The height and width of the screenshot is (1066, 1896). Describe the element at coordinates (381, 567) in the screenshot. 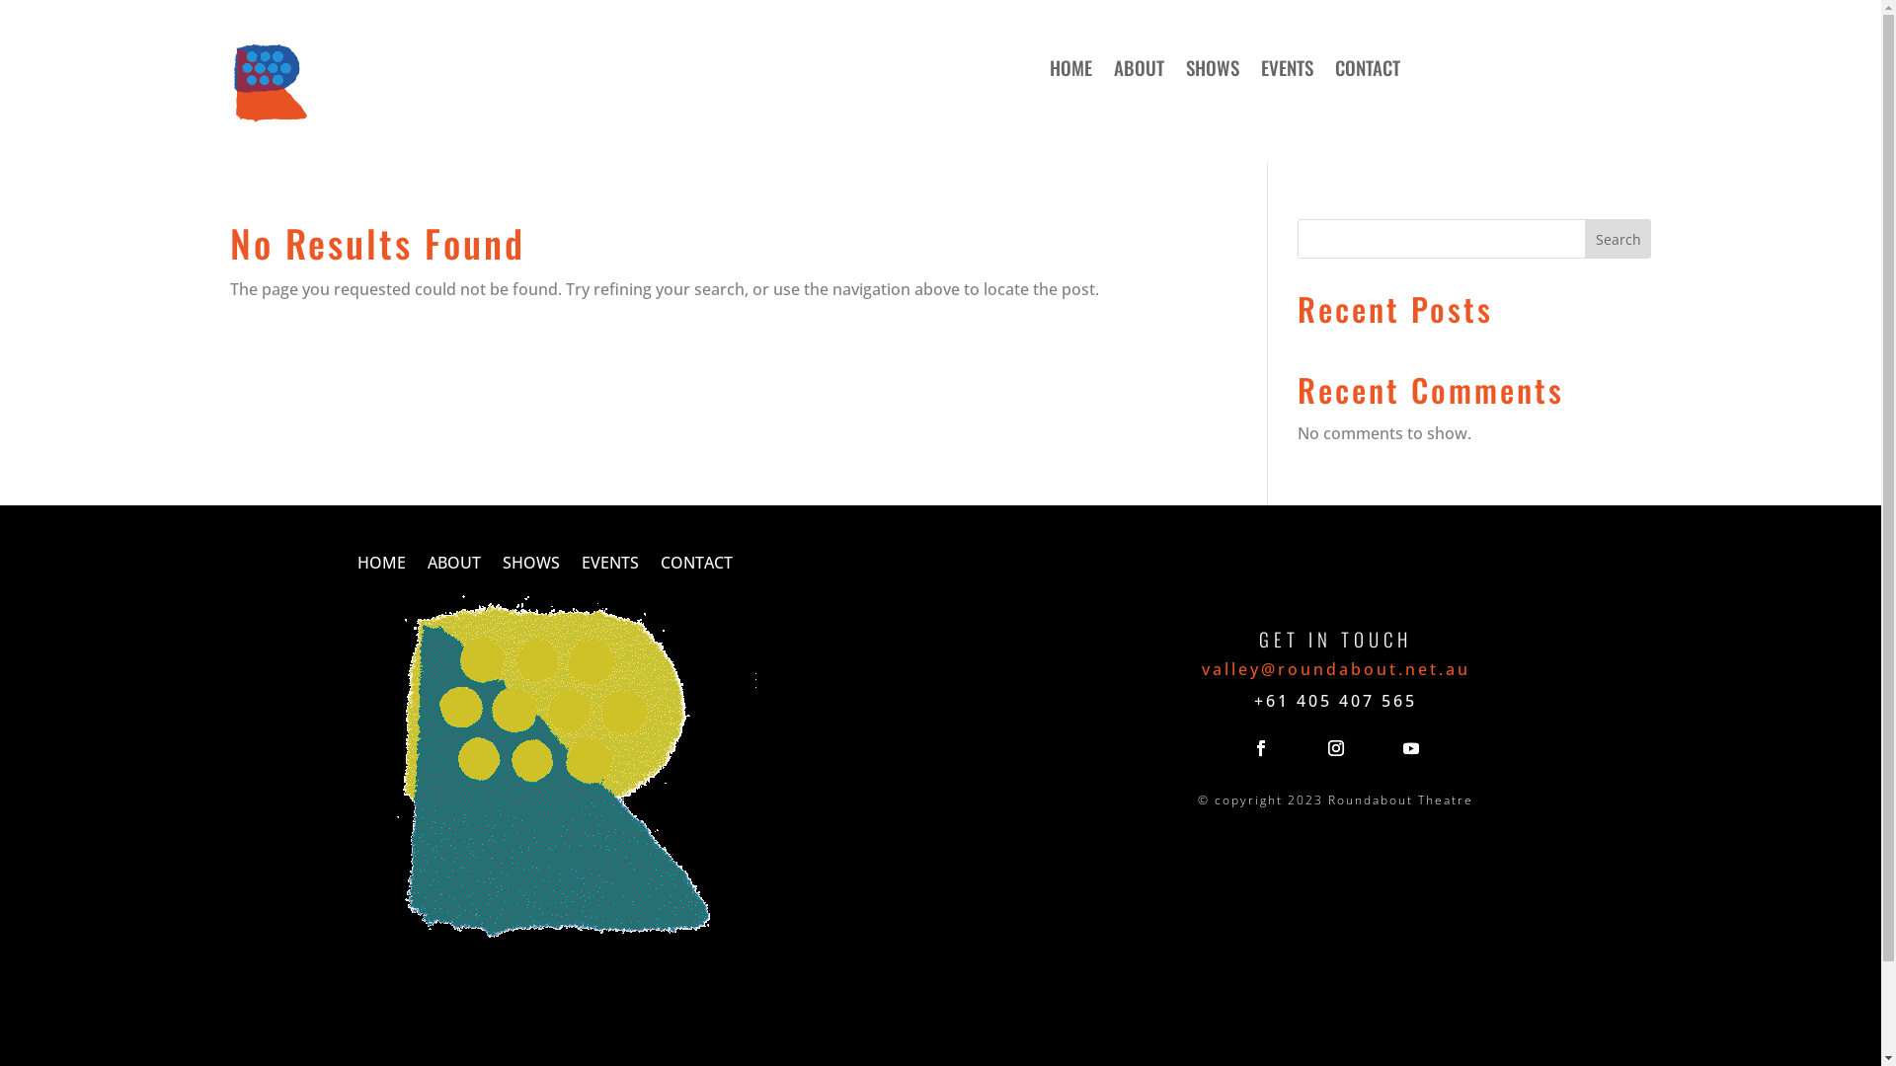

I see `'HOME'` at that location.